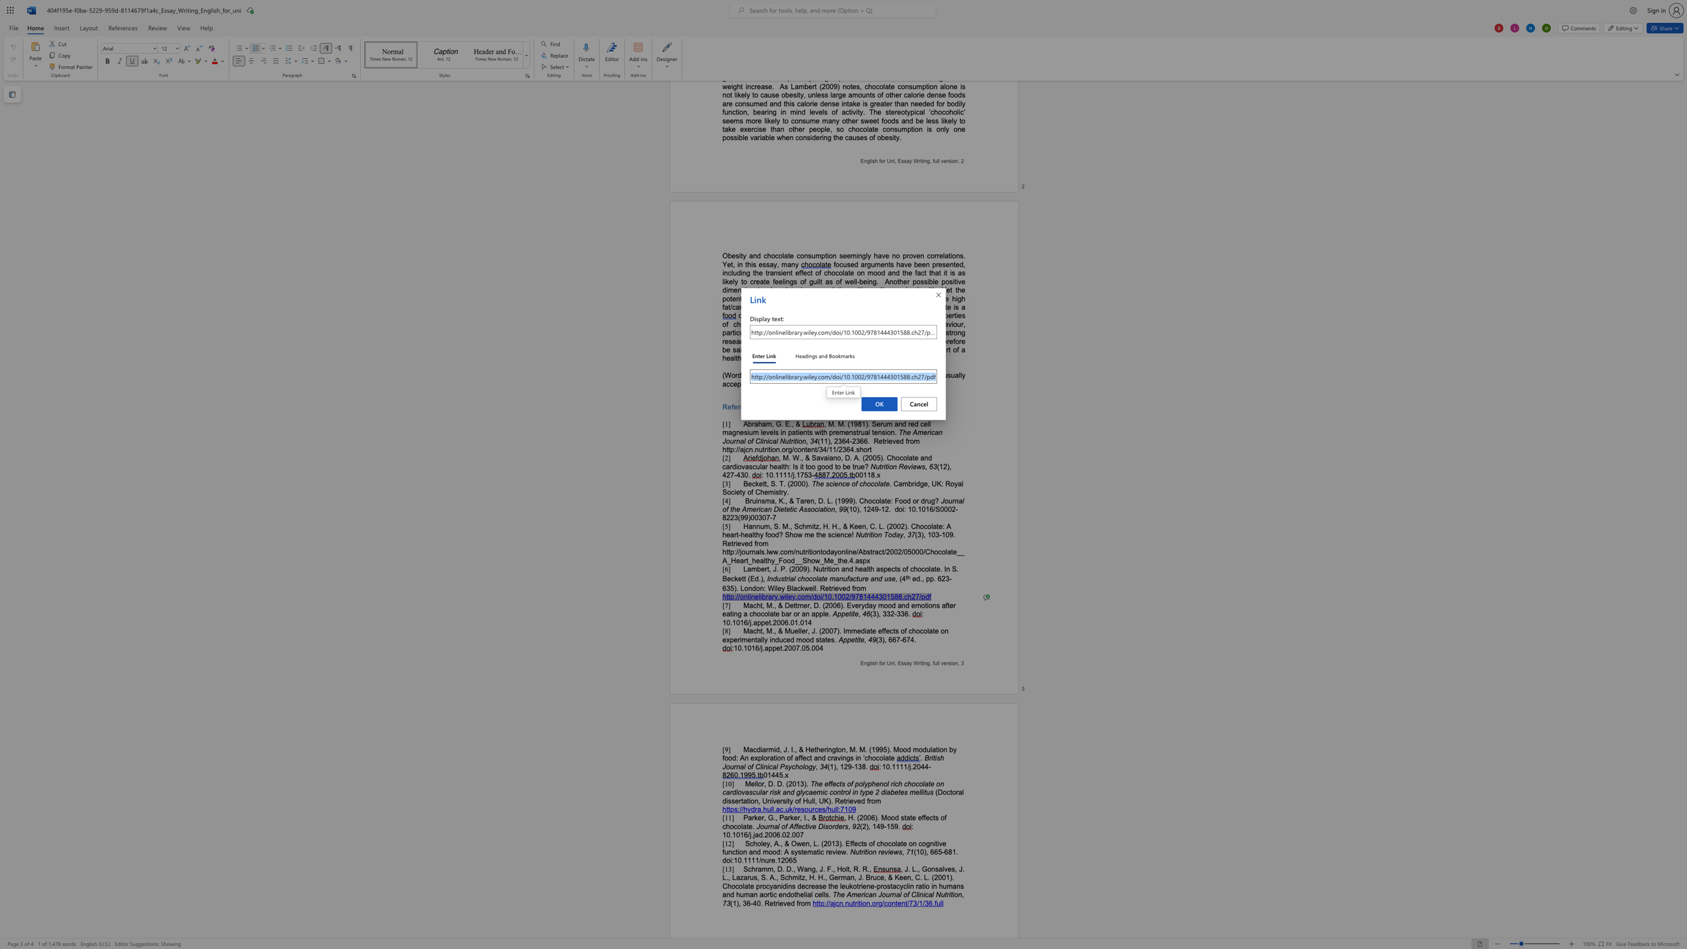 Image resolution: width=1687 pixels, height=949 pixels. Describe the element at coordinates (899, 663) in the screenshot. I see `the 2th character "E" in the text` at that location.